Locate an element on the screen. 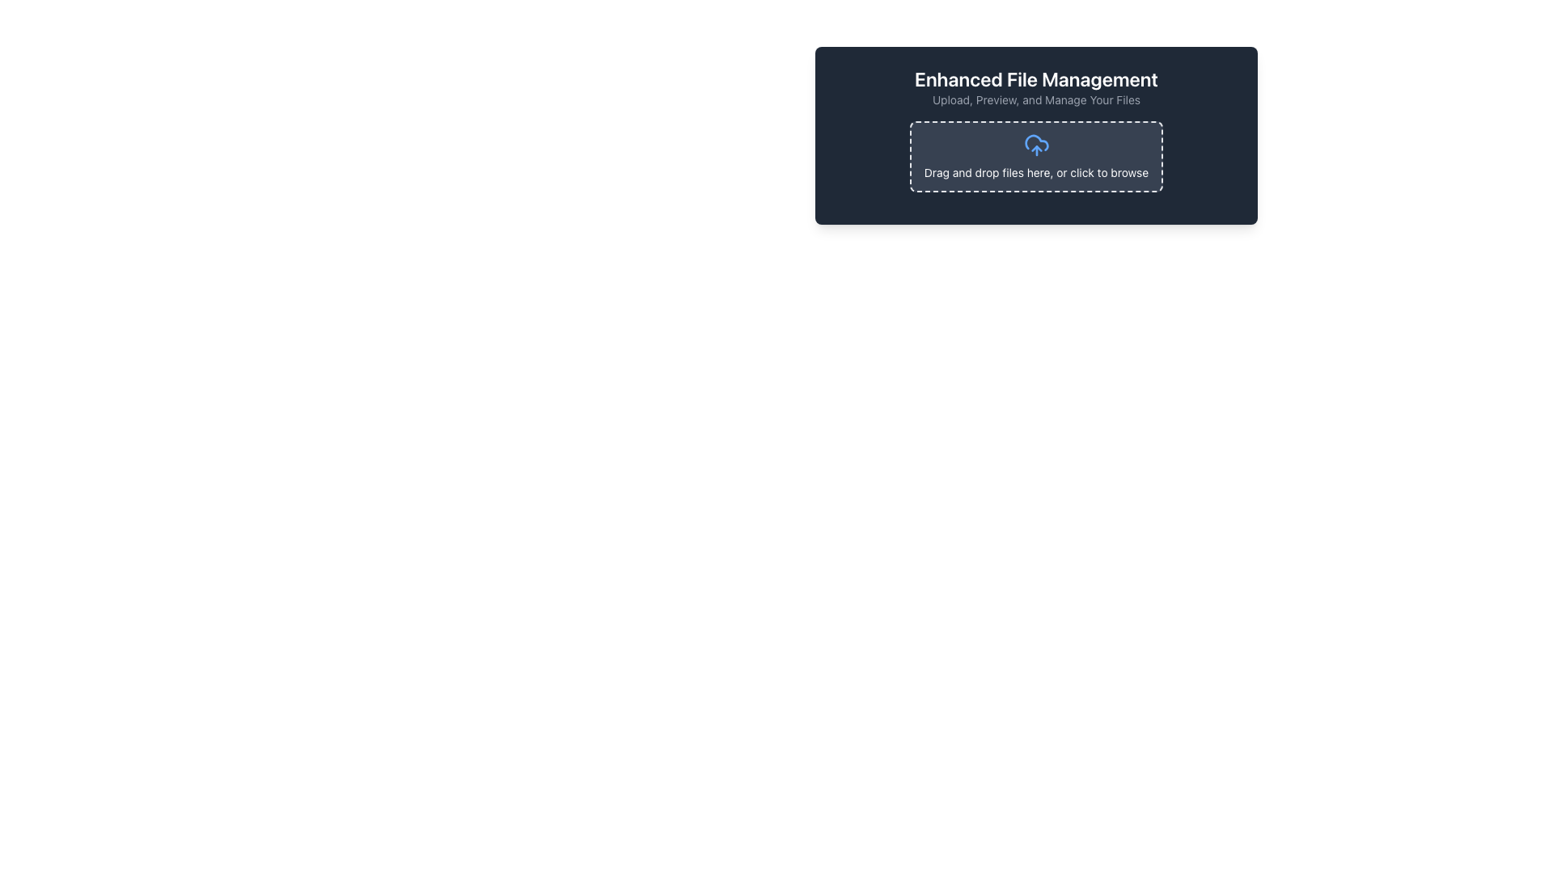 This screenshot has height=873, width=1553. the static instructional text in the file upload drop area, which indicates how to upload files by dragging and dropping or selecting files is located at coordinates (1036, 172).